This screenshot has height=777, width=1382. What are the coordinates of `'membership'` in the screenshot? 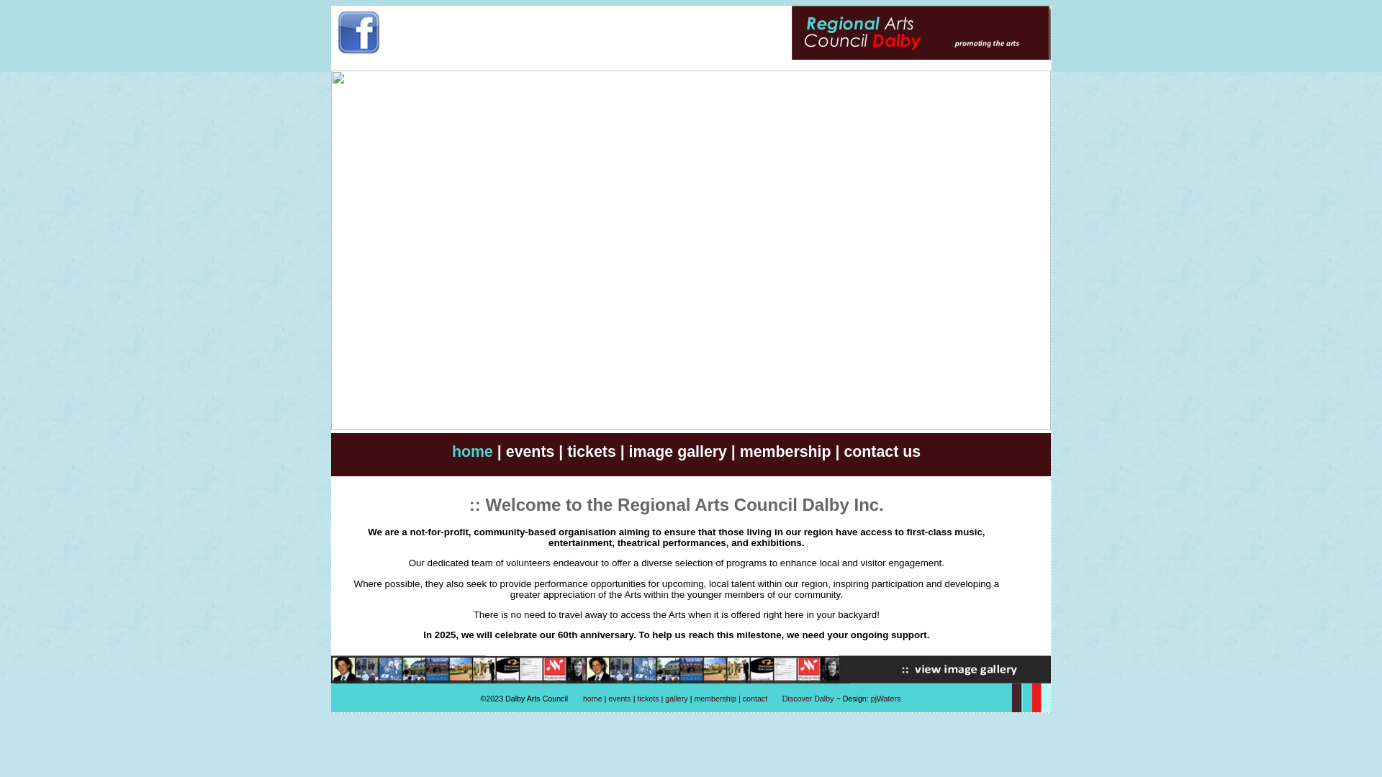 It's located at (785, 451).